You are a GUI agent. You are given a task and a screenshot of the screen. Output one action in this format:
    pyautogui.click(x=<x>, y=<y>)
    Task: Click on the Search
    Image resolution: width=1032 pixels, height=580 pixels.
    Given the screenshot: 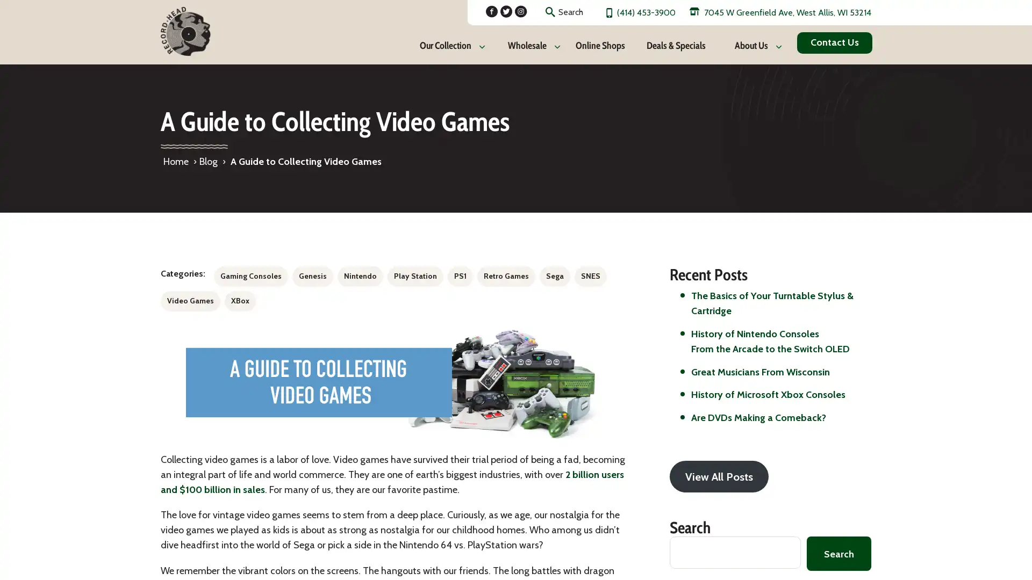 What is the action you would take?
    pyautogui.click(x=569, y=12)
    